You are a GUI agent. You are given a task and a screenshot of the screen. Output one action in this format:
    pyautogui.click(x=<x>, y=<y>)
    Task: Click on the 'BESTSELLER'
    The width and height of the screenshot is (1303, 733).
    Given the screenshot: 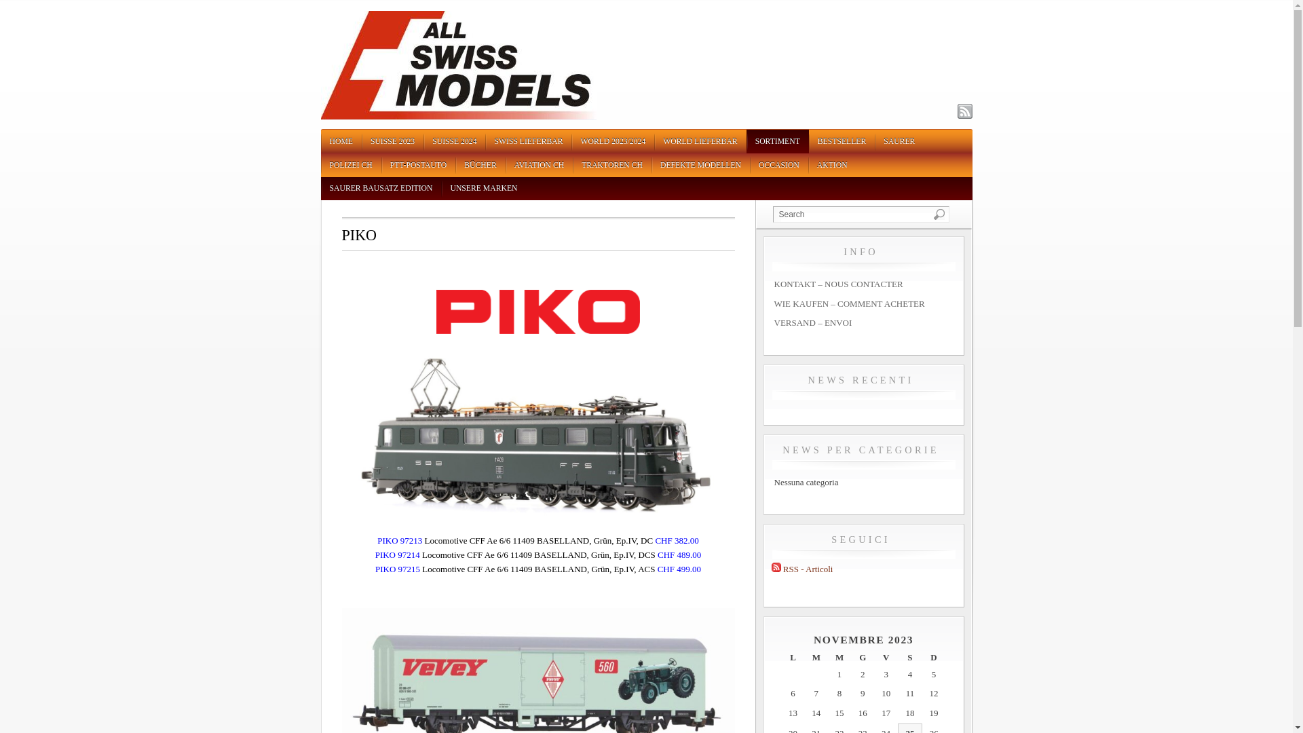 What is the action you would take?
    pyautogui.click(x=841, y=141)
    